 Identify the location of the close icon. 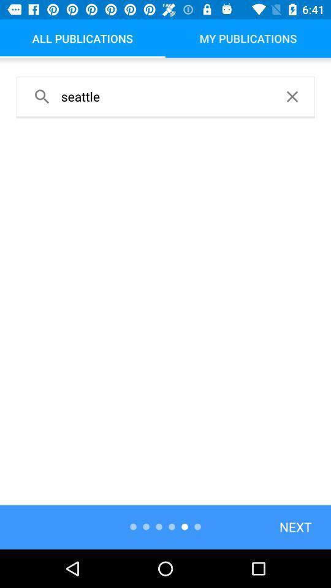
(291, 96).